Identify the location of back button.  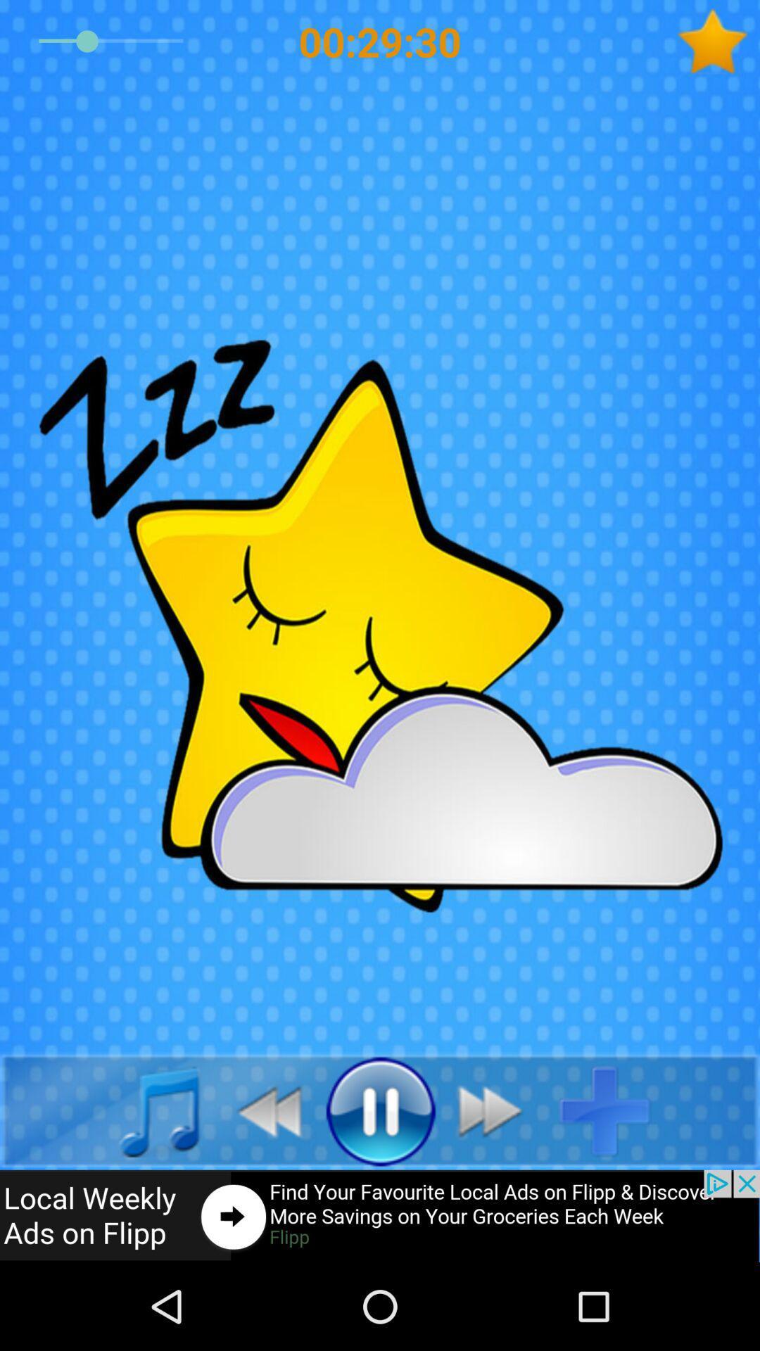
(144, 1110).